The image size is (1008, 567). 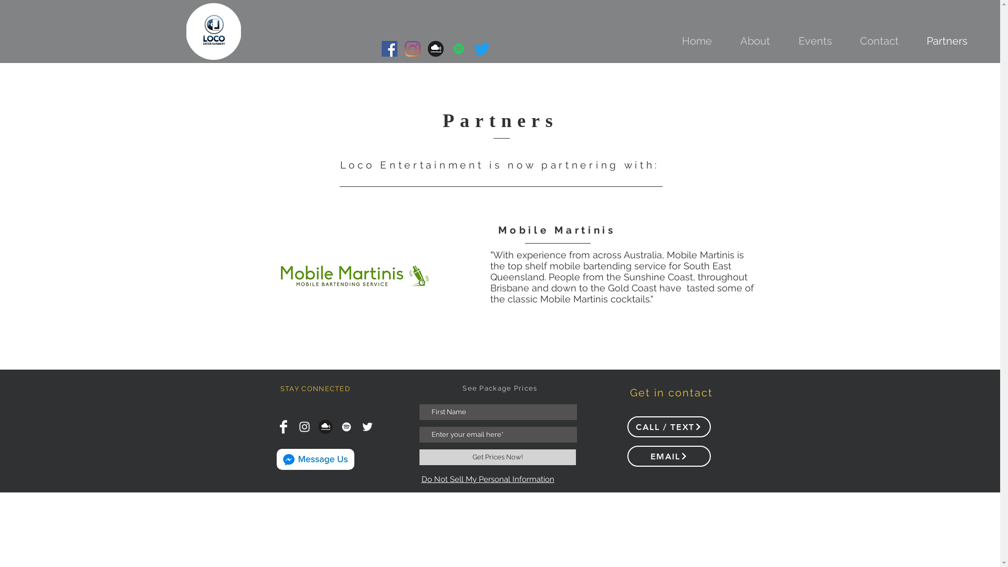 What do you see at coordinates (668, 455) in the screenshot?
I see `'EMAIL'` at bounding box center [668, 455].